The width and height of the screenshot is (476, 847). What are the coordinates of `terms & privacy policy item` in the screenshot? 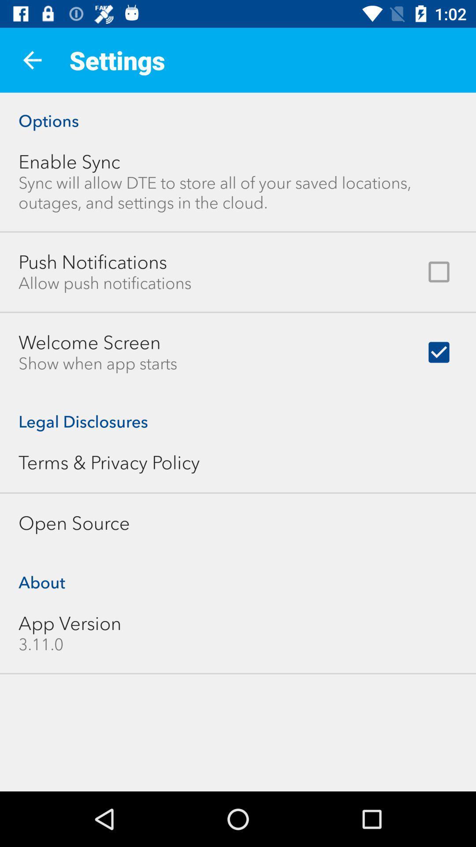 It's located at (108, 462).